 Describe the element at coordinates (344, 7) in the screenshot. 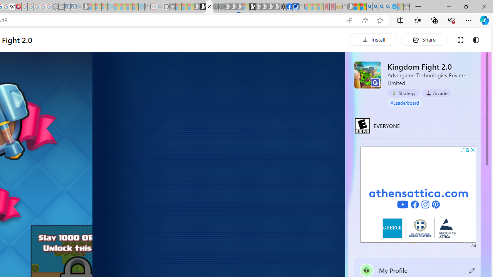

I see `'New tab - Sleeping'` at that location.